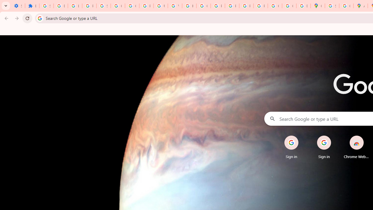  What do you see at coordinates (346, 6) in the screenshot?
I see `'Create your Google Account'` at bounding box center [346, 6].